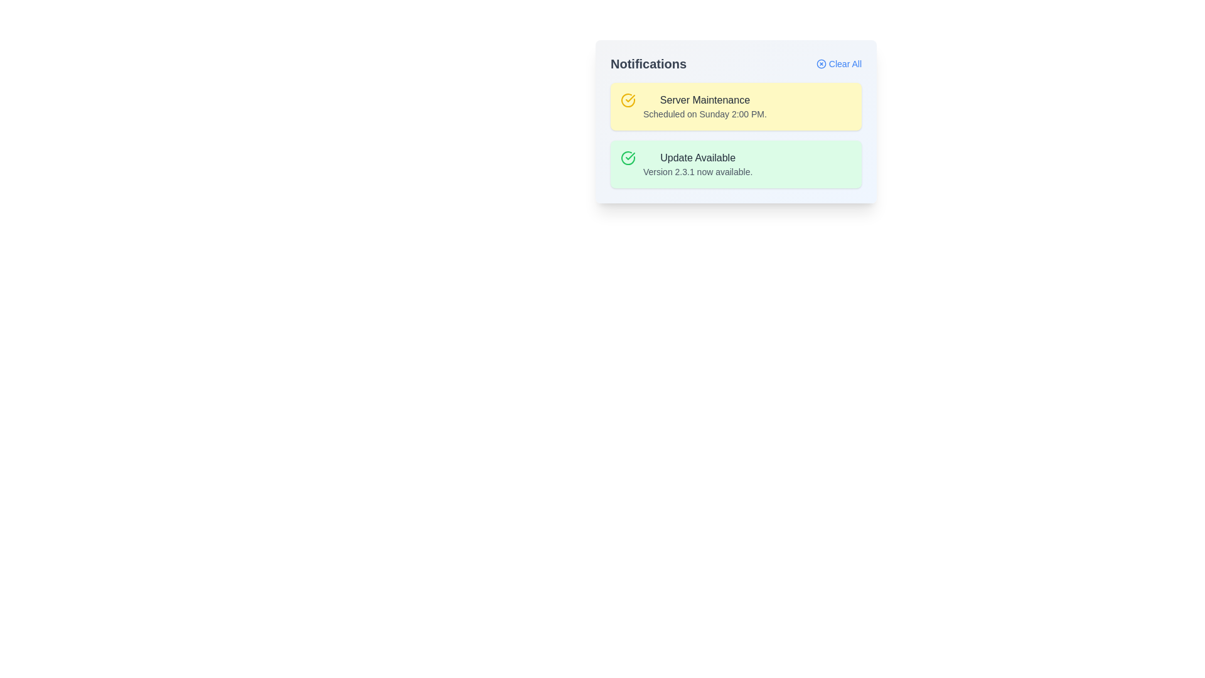 The width and height of the screenshot is (1205, 678). Describe the element at coordinates (821, 63) in the screenshot. I see `the SVG icon representing the clearing action located to the left of the 'Clear All' text to initiate the clearing action` at that location.